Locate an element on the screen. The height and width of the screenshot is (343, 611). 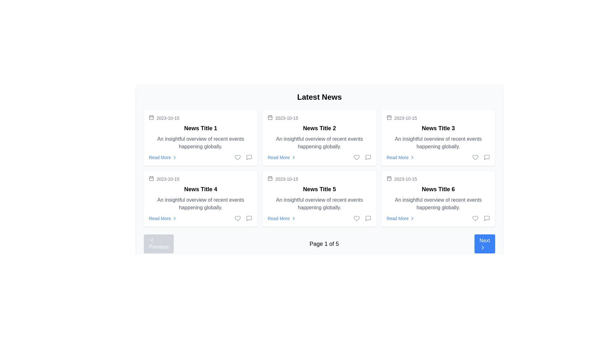
the heart-shaped icon located in the right-bottom corner of the second card ('News Title 2') in the top row of the grid layout is located at coordinates (356, 157).